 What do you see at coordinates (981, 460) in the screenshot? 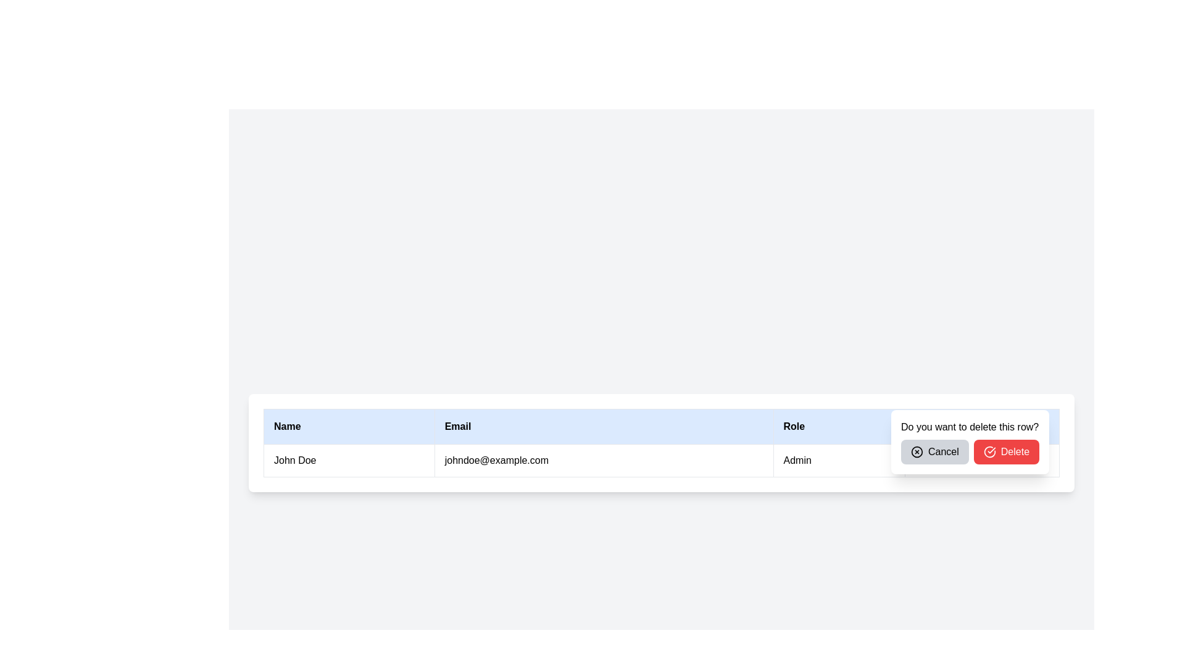
I see `the confirmation button for deleting a row in the table, located below the prompt text 'Do you want to delete this row?' and to the right of the 'Cancel' button` at bounding box center [981, 460].